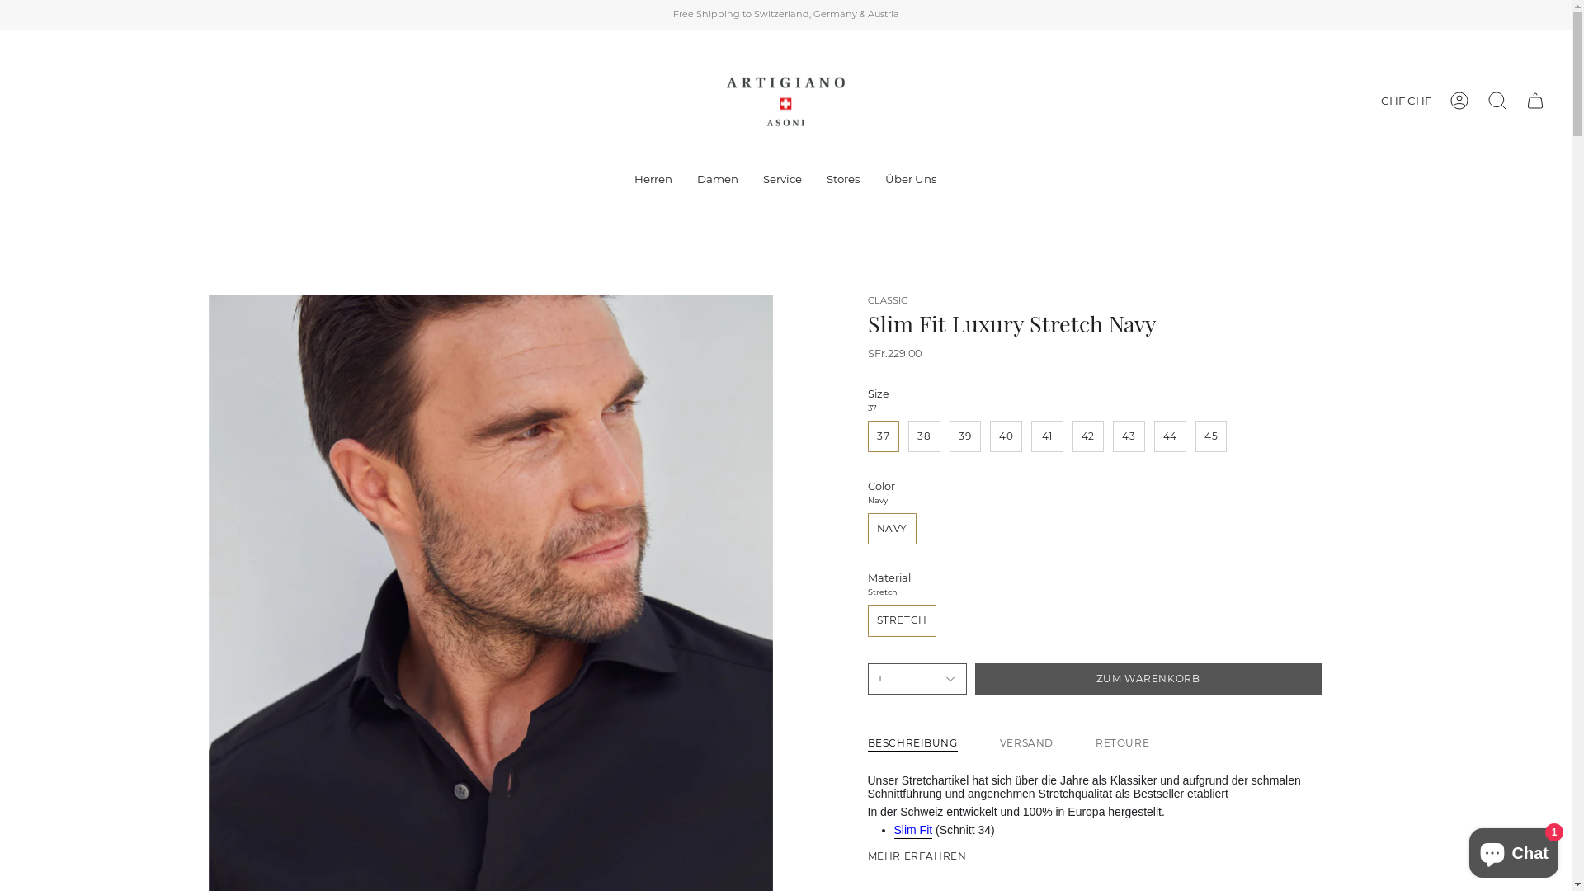 The image size is (1584, 891). Describe the element at coordinates (1516, 101) in the screenshot. I see `'Warenkorb'` at that location.